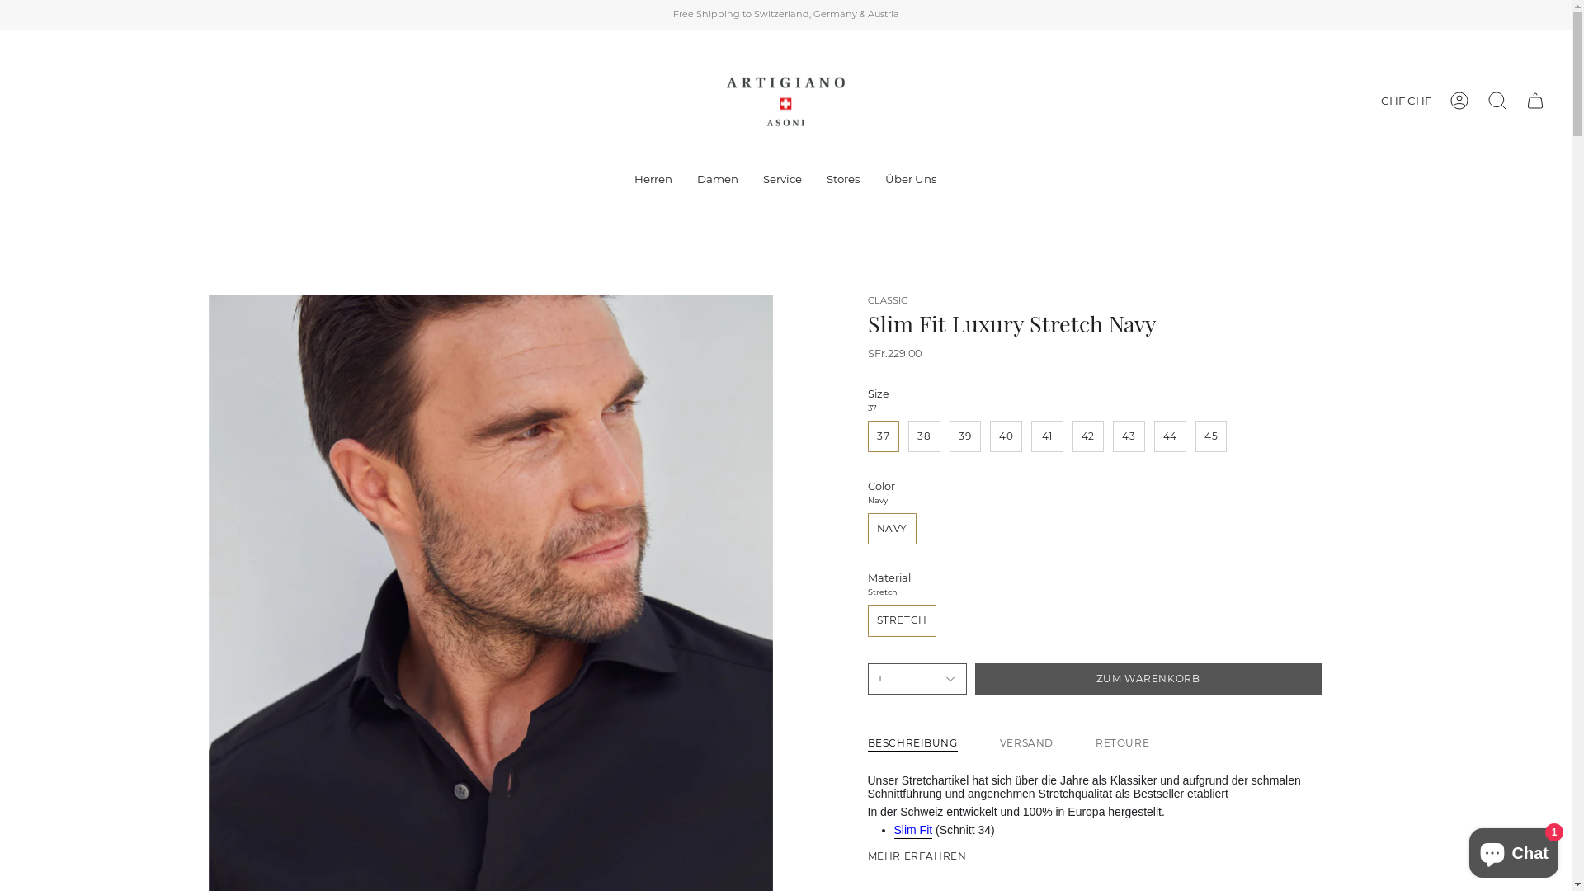 The image size is (1584, 891). Describe the element at coordinates (1516, 101) in the screenshot. I see `'Warenkorb'` at that location.